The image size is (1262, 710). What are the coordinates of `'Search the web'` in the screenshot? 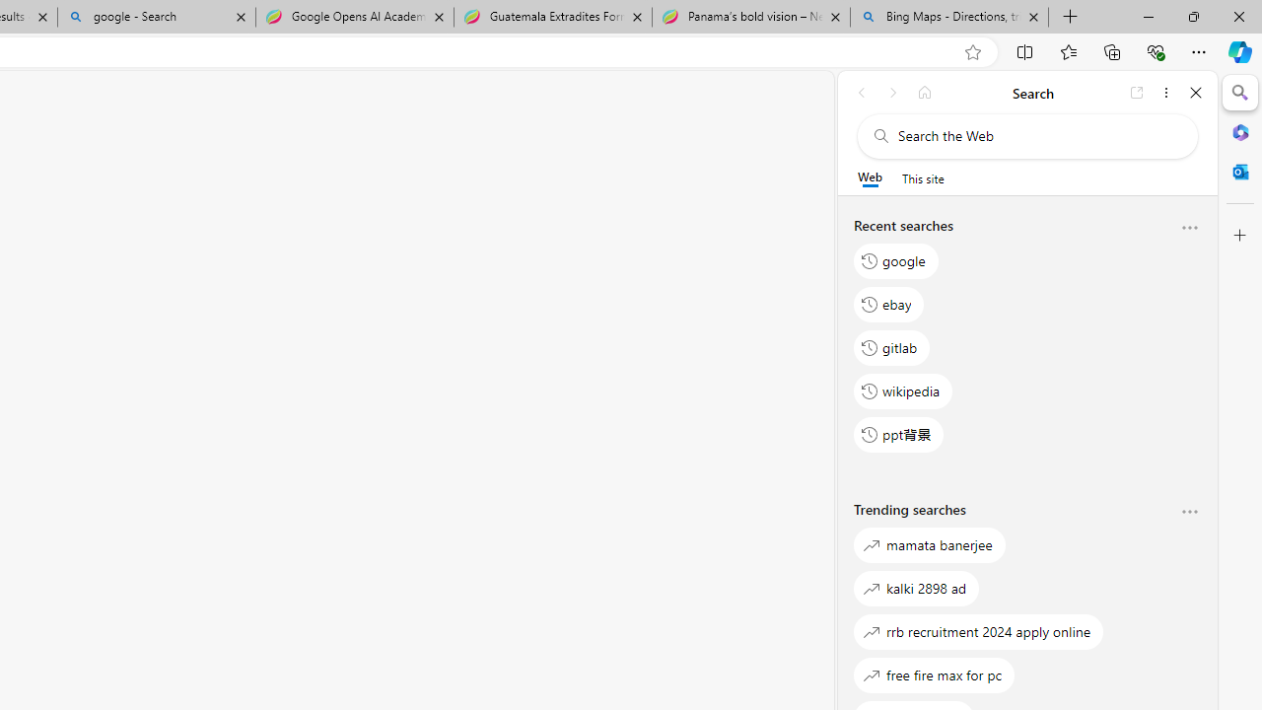 It's located at (1036, 135).